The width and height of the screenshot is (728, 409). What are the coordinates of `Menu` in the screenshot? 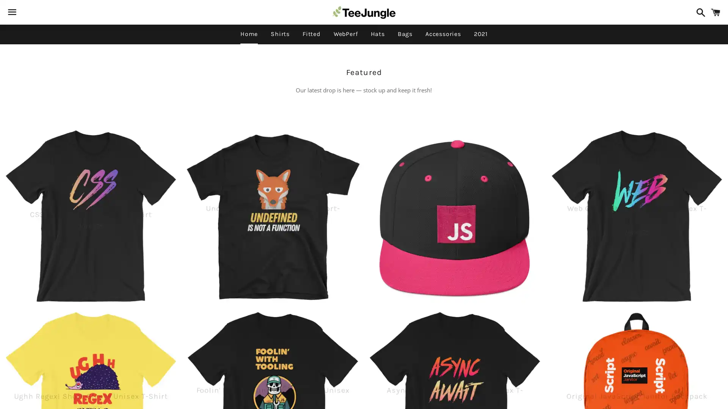 It's located at (12, 12).